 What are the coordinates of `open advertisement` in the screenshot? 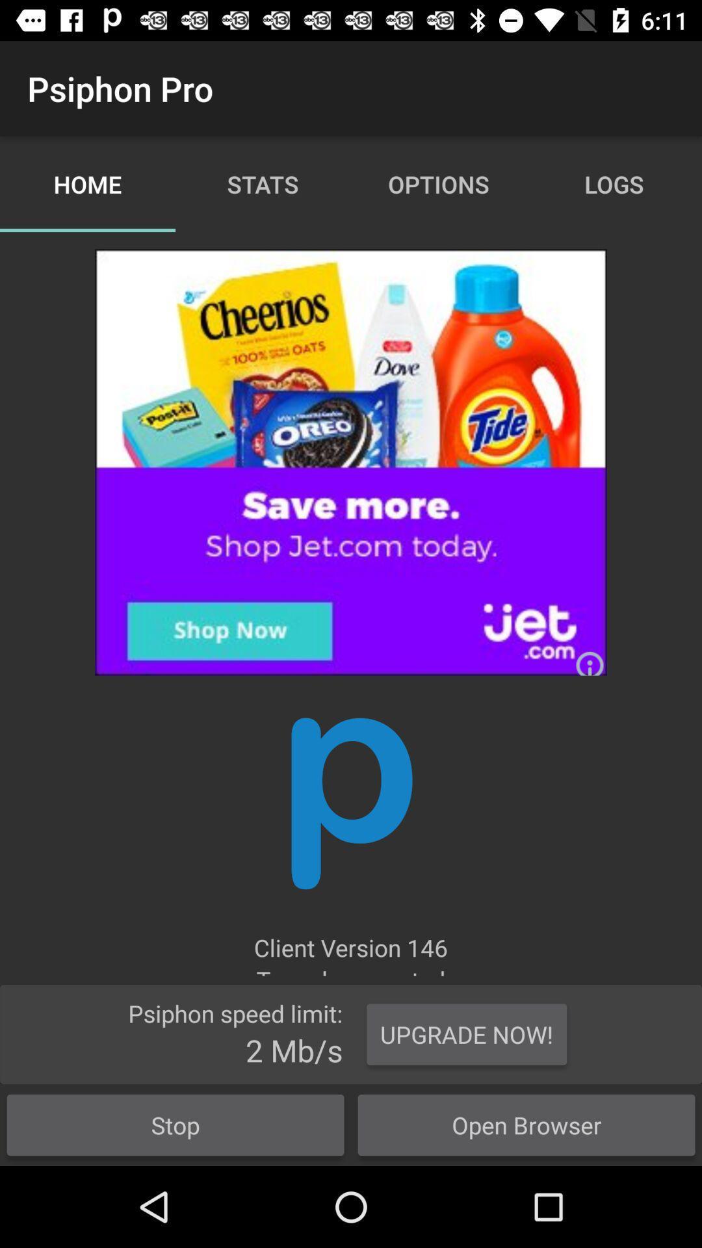 It's located at (351, 462).